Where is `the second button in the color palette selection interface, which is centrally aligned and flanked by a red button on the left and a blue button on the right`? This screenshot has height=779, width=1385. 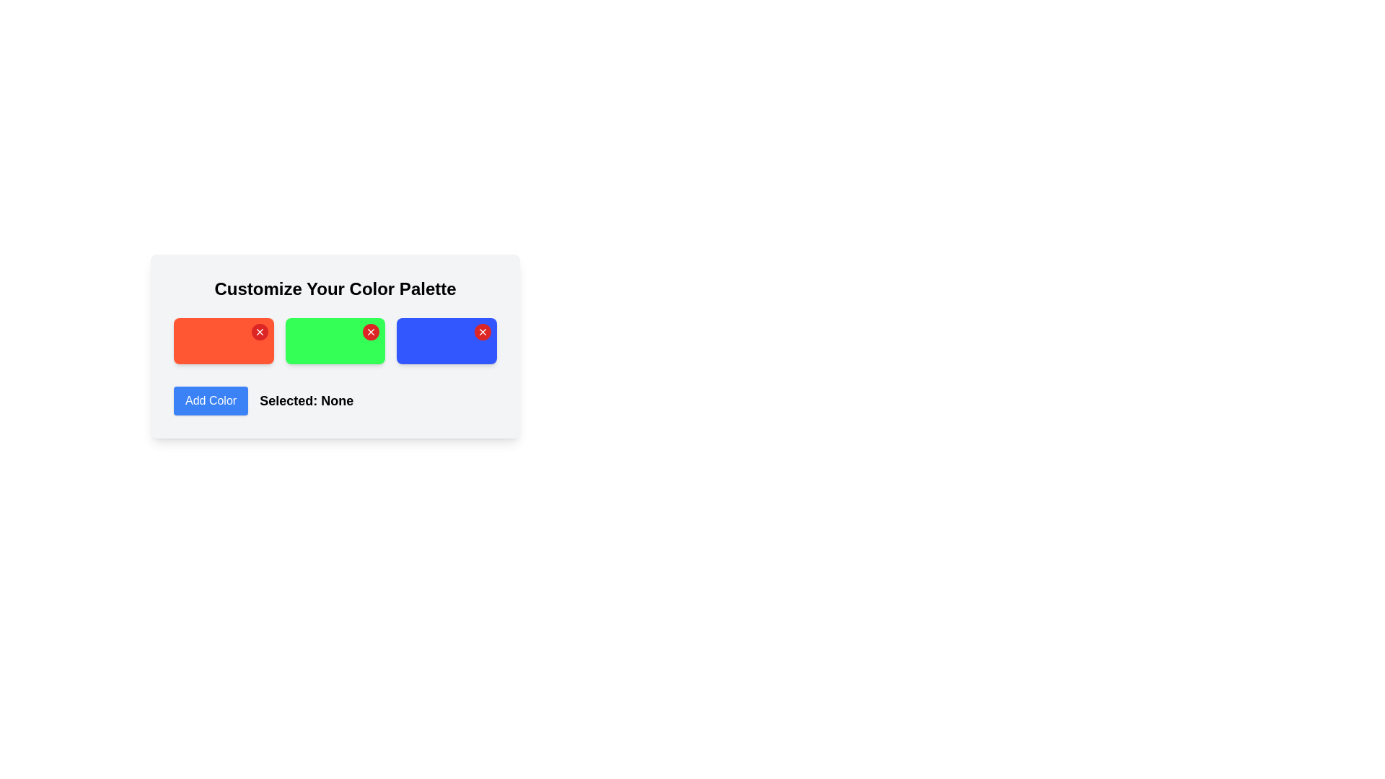
the second button in the color palette selection interface, which is centrally aligned and flanked by a red button on the left and a blue button on the right is located at coordinates (335, 343).